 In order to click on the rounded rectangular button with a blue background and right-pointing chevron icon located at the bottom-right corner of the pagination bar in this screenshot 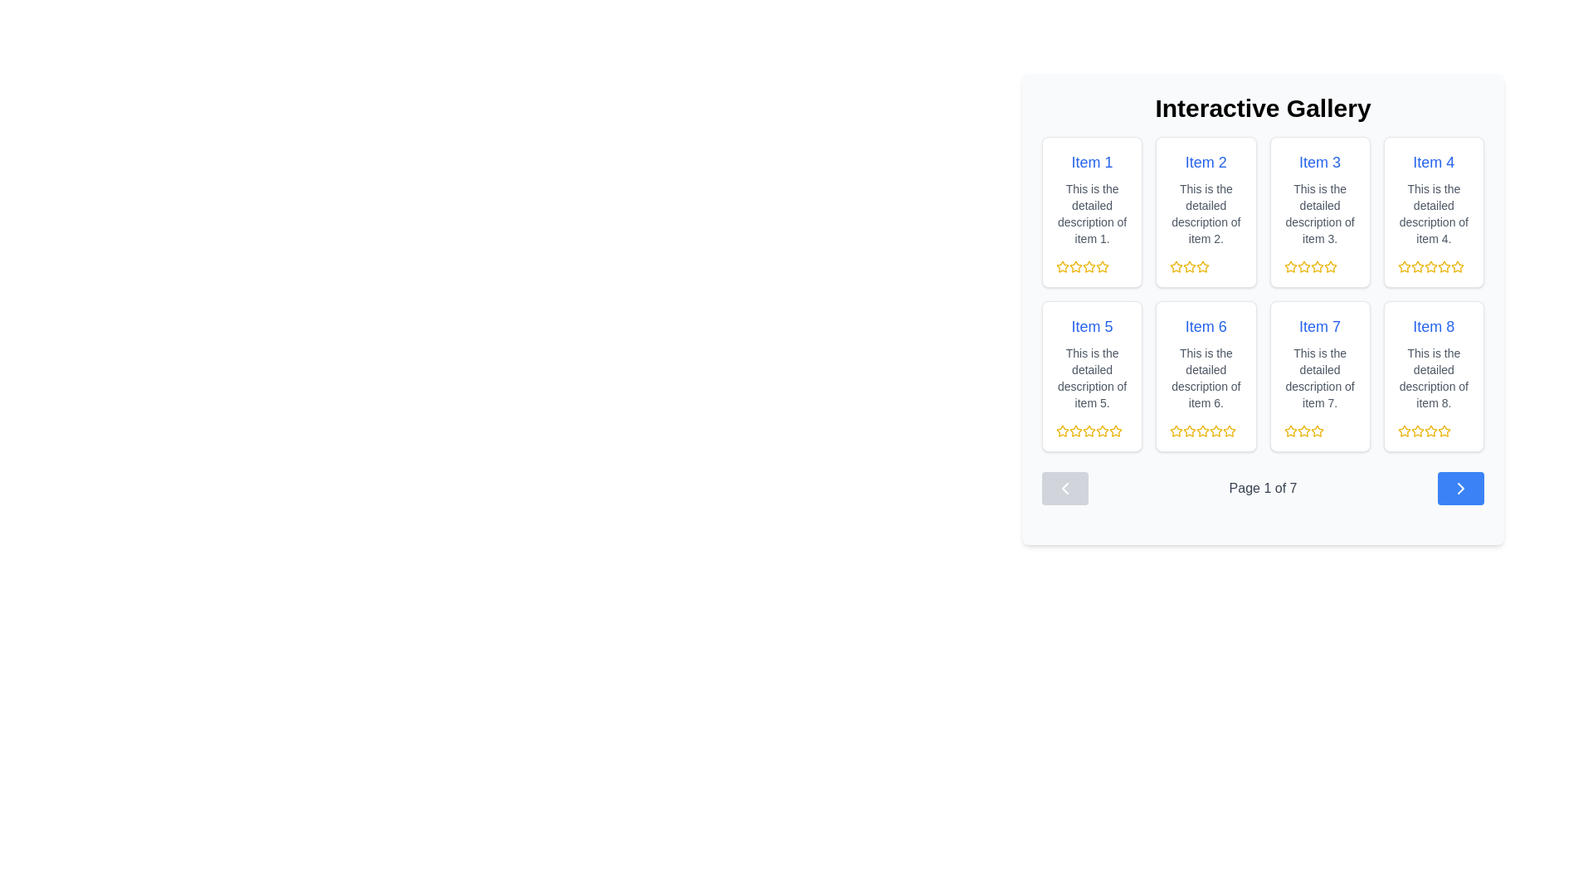, I will do `click(1461, 488)`.